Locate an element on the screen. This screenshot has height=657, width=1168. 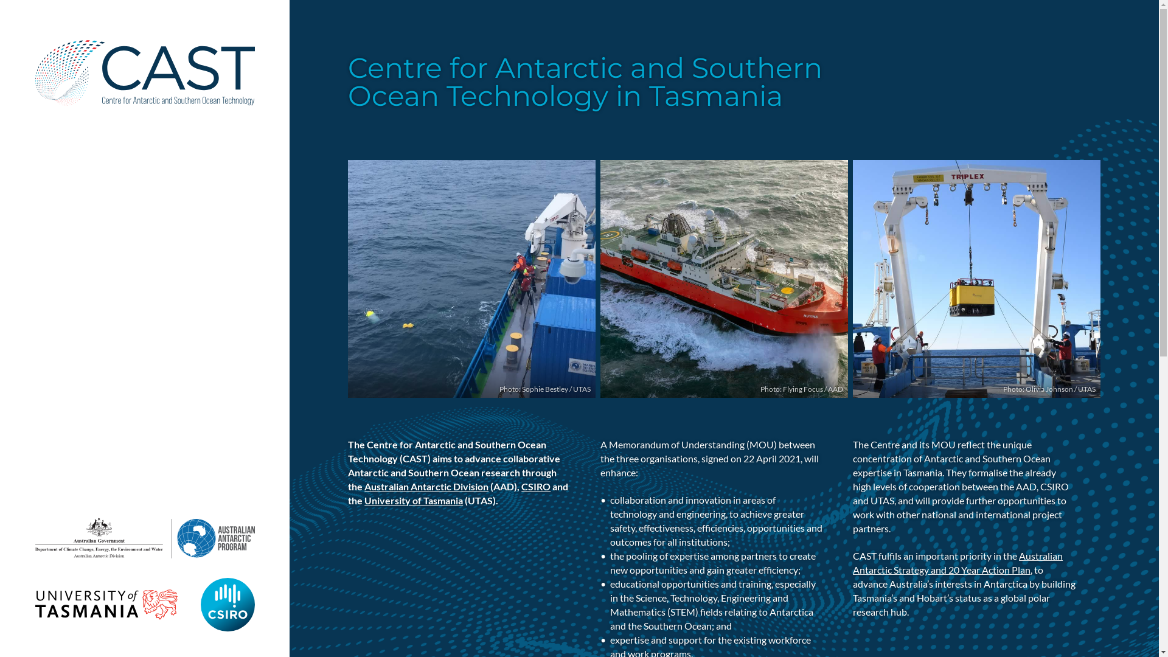
'Australian Antarctic Strategy and 20 Year Action Plan' is located at coordinates (852, 563).